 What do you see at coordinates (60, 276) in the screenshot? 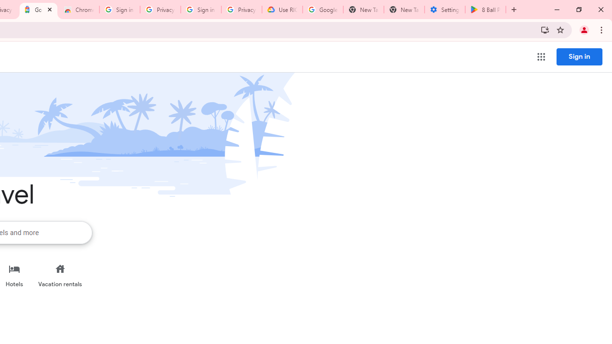
I see `'Vacation rentals'` at bounding box center [60, 276].